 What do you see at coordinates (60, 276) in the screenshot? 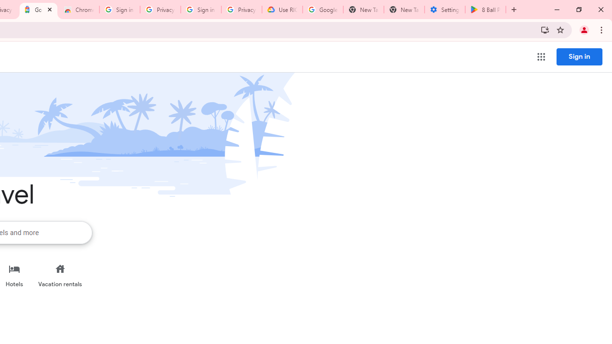
I see `'Vacation rentals'` at bounding box center [60, 276].